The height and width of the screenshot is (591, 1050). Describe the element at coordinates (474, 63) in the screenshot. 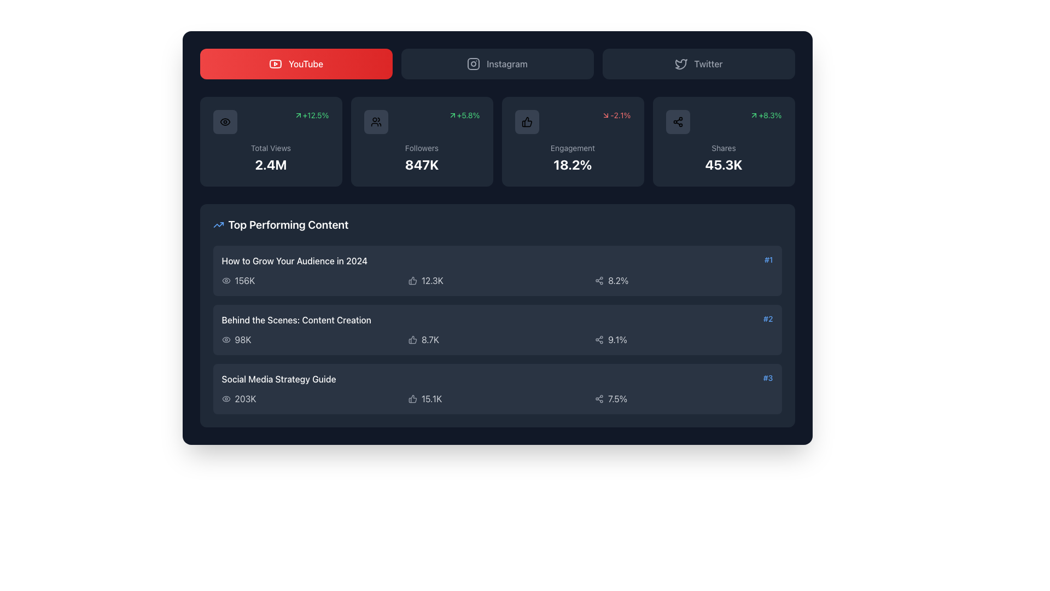

I see `the Instagram logo icon, which is a graphic element styled with a circular square and a dot in the top-right corner, located in the navigation section to the left of the 'Instagram' text label` at that location.